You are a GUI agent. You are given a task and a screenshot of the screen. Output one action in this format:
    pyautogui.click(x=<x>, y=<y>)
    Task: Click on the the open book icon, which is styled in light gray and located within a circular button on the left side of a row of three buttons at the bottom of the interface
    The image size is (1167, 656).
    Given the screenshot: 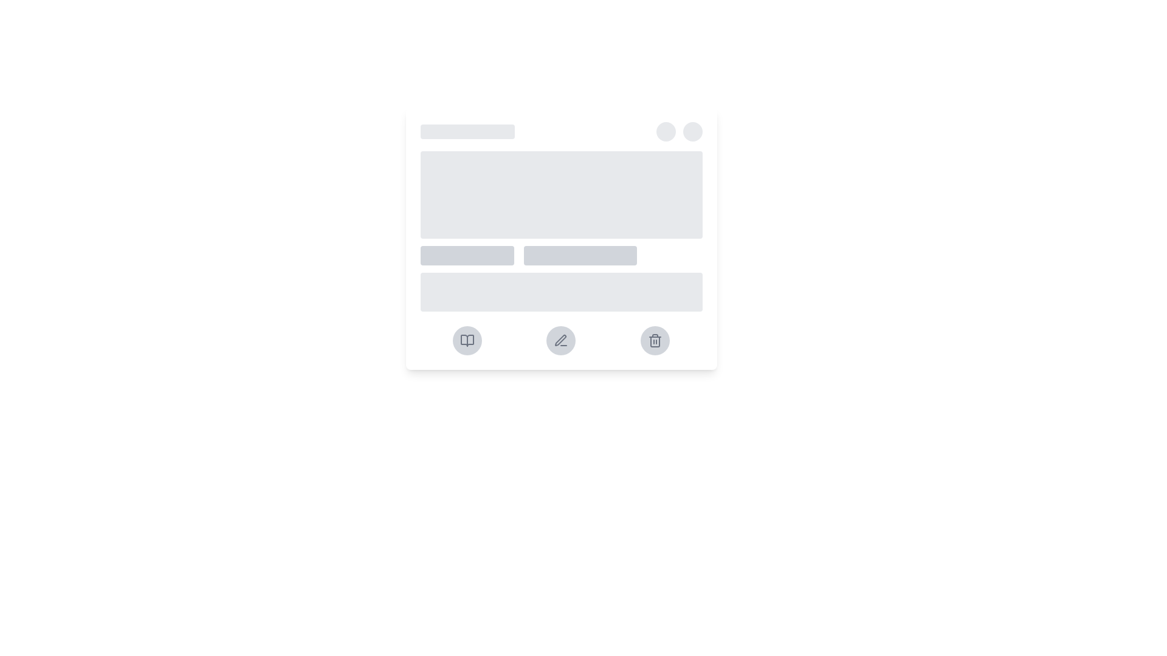 What is the action you would take?
    pyautogui.click(x=466, y=340)
    